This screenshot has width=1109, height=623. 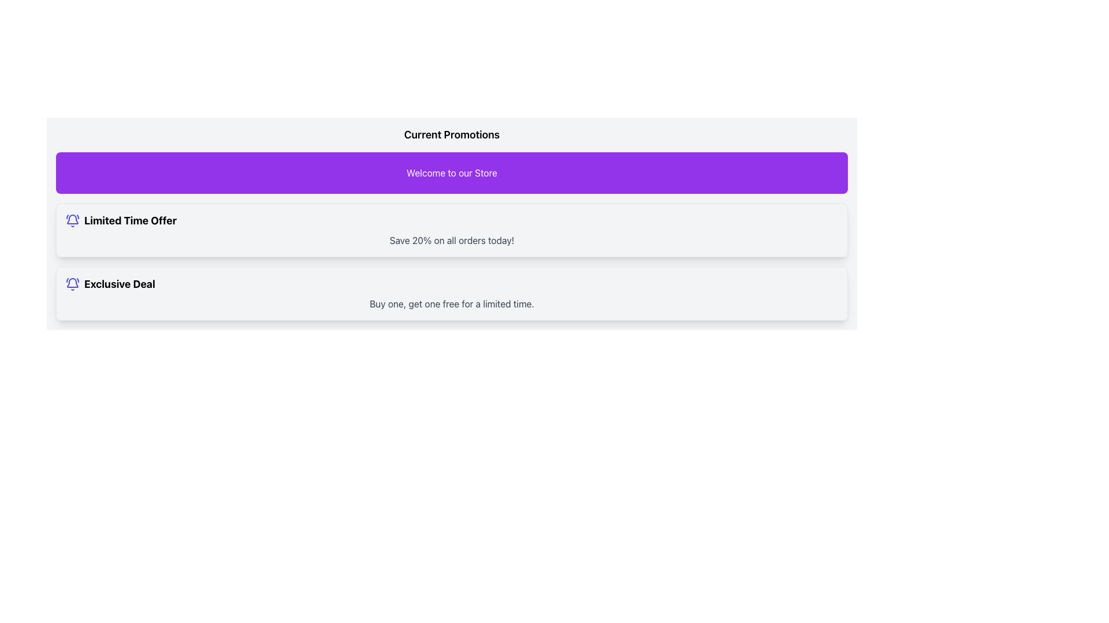 I want to click on the purple bell icon located to the left of the 'Limited Time Offer' text, so click(x=72, y=220).